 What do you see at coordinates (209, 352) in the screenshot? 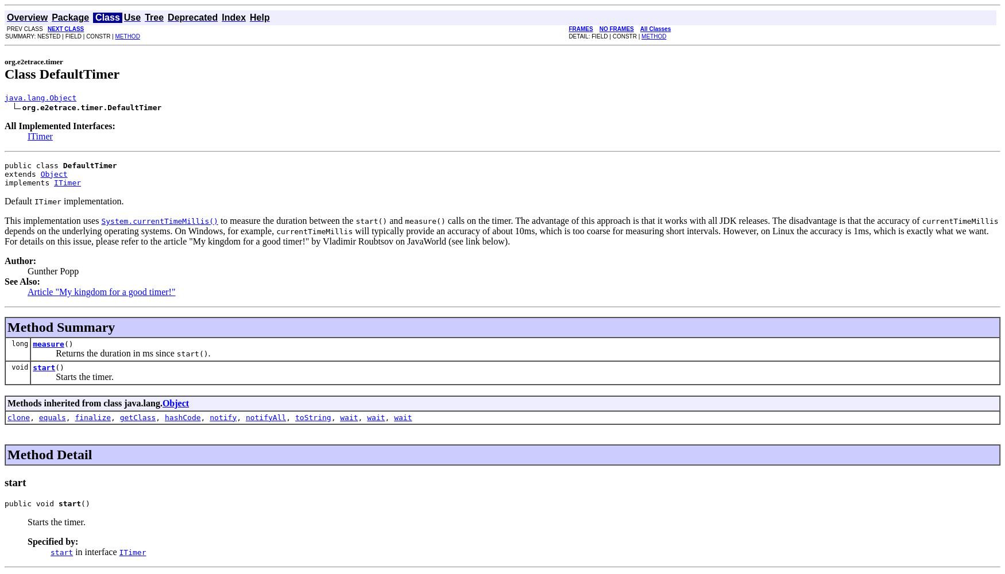
I see `'.'` at bounding box center [209, 352].